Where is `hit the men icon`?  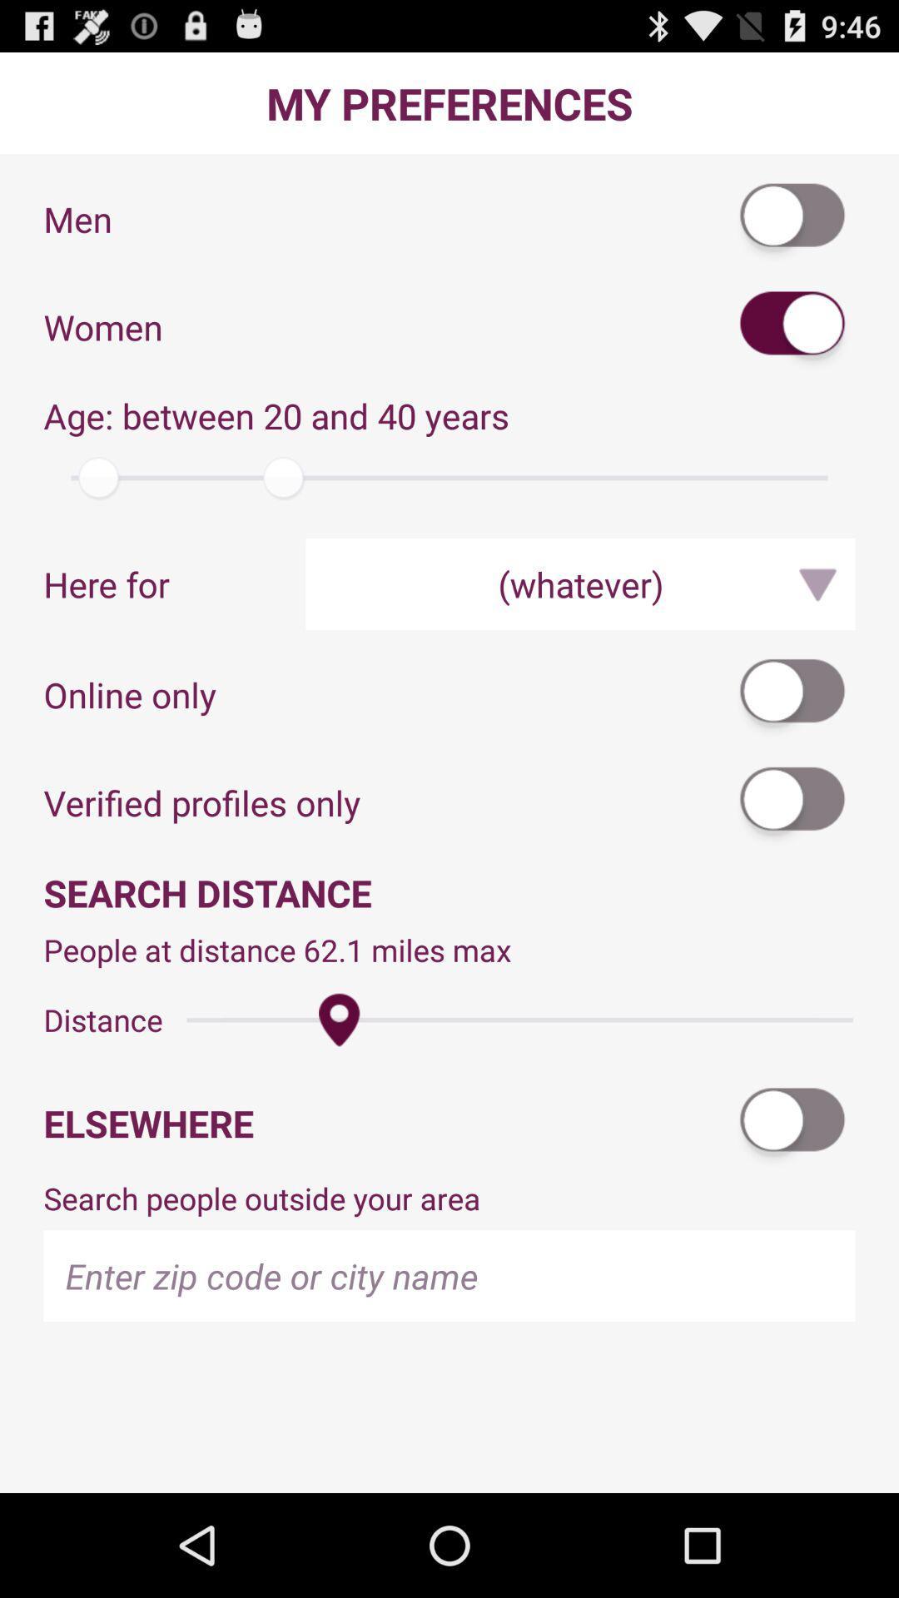 hit the men icon is located at coordinates (792, 218).